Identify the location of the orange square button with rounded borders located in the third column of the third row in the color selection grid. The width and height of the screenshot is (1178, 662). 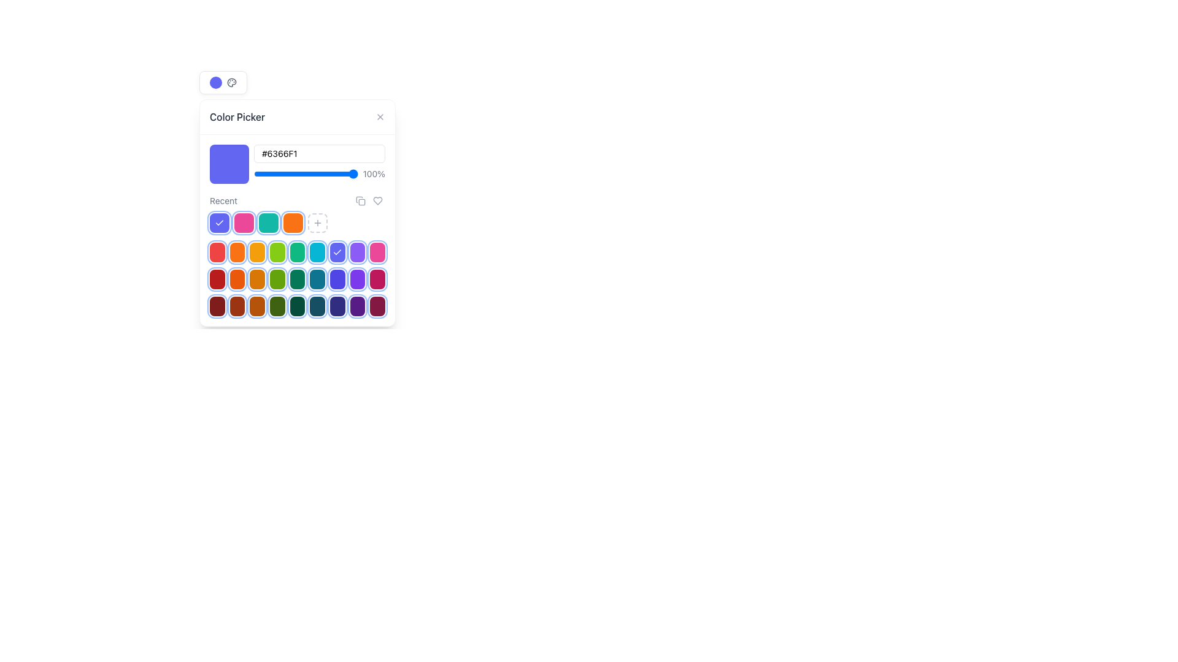
(256, 279).